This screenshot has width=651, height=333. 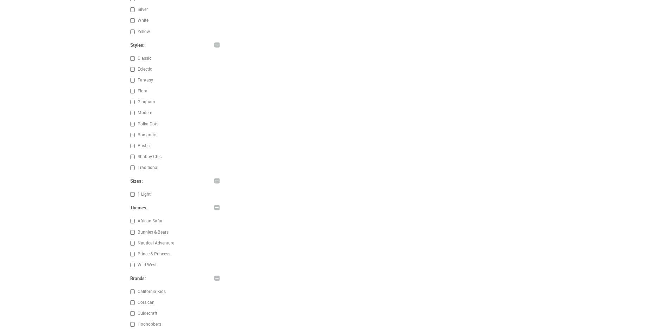 I want to click on 'Floral', so click(x=136, y=91).